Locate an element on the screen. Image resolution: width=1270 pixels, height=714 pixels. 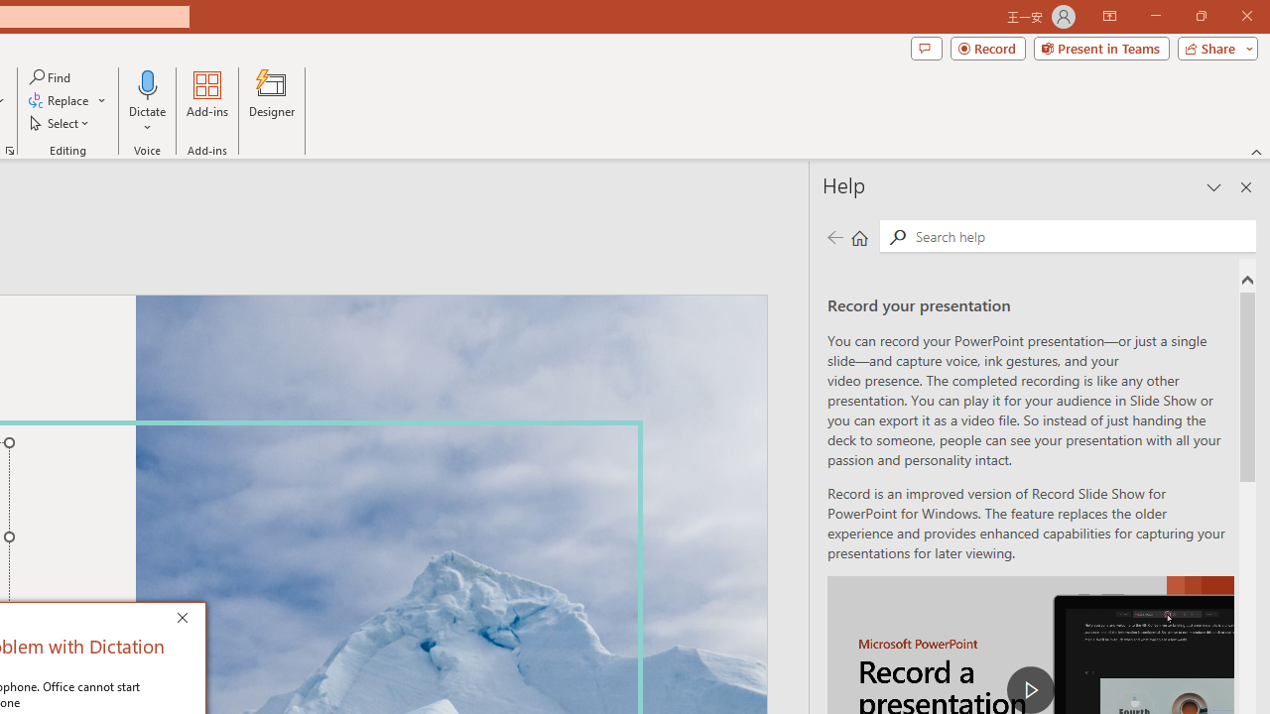
'Previous page' is located at coordinates (834, 236).